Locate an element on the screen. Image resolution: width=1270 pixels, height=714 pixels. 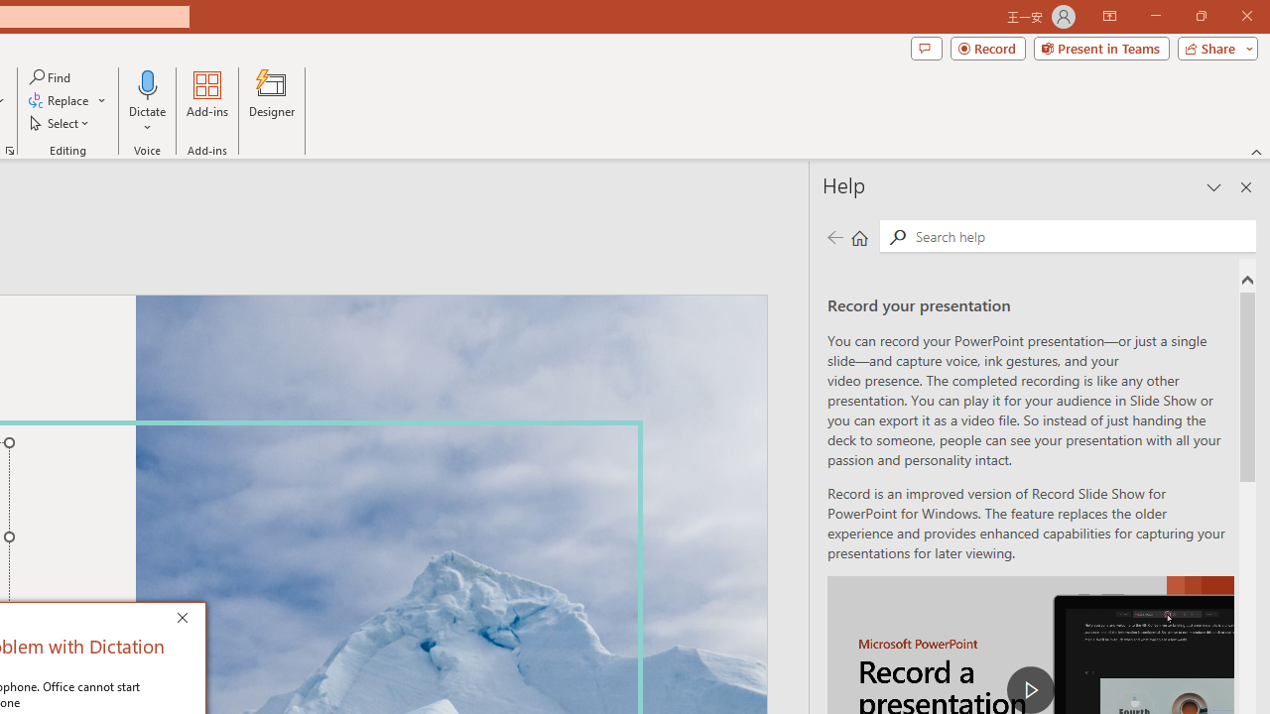
'Previous page' is located at coordinates (834, 236).